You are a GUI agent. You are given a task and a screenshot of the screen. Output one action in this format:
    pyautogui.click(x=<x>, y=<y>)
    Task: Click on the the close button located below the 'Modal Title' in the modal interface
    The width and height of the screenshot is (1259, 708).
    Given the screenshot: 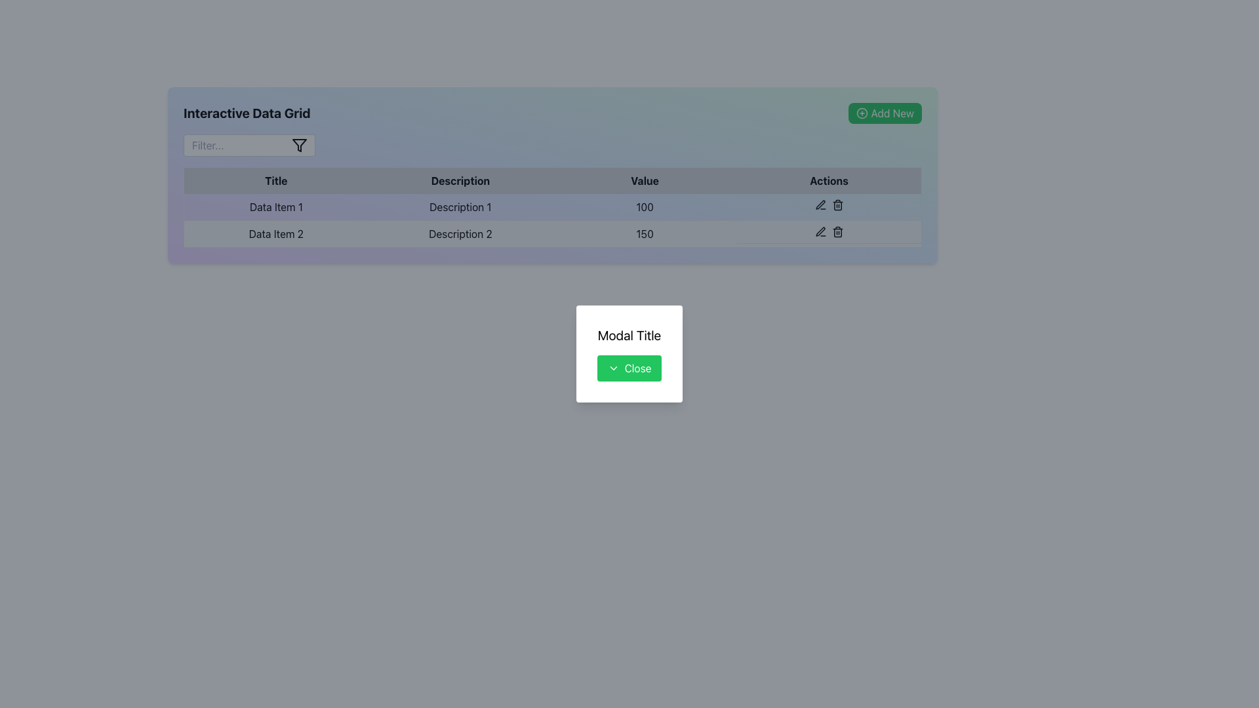 What is the action you would take?
    pyautogui.click(x=629, y=368)
    